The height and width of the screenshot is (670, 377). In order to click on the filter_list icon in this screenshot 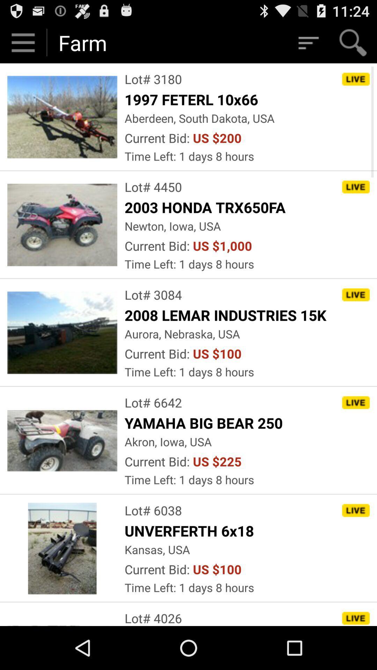, I will do `click(308, 45)`.